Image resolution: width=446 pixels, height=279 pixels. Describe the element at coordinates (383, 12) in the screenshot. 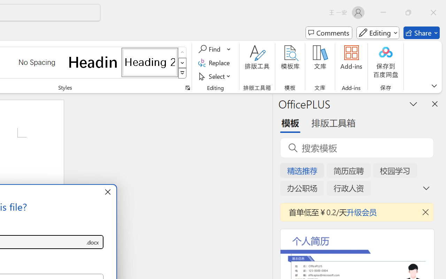

I see `'Minimize'` at that location.